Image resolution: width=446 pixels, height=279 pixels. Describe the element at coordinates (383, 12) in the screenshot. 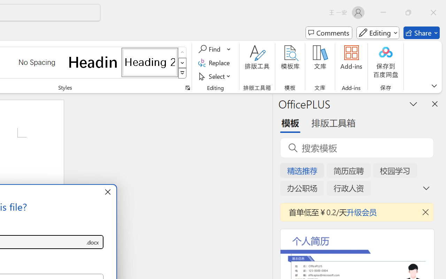

I see `'Minimize'` at that location.